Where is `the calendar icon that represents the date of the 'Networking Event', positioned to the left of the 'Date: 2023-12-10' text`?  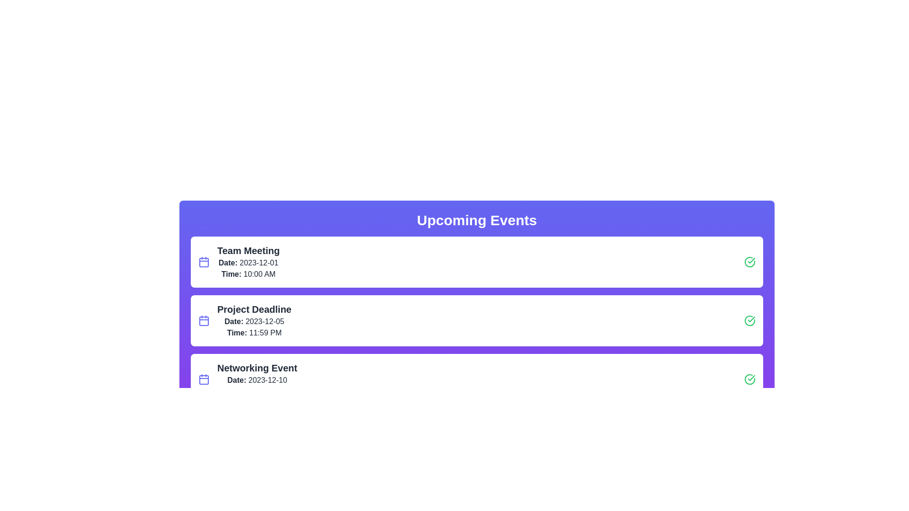
the calendar icon that represents the date of the 'Networking Event', positioned to the left of the 'Date: 2023-12-10' text is located at coordinates (204, 379).